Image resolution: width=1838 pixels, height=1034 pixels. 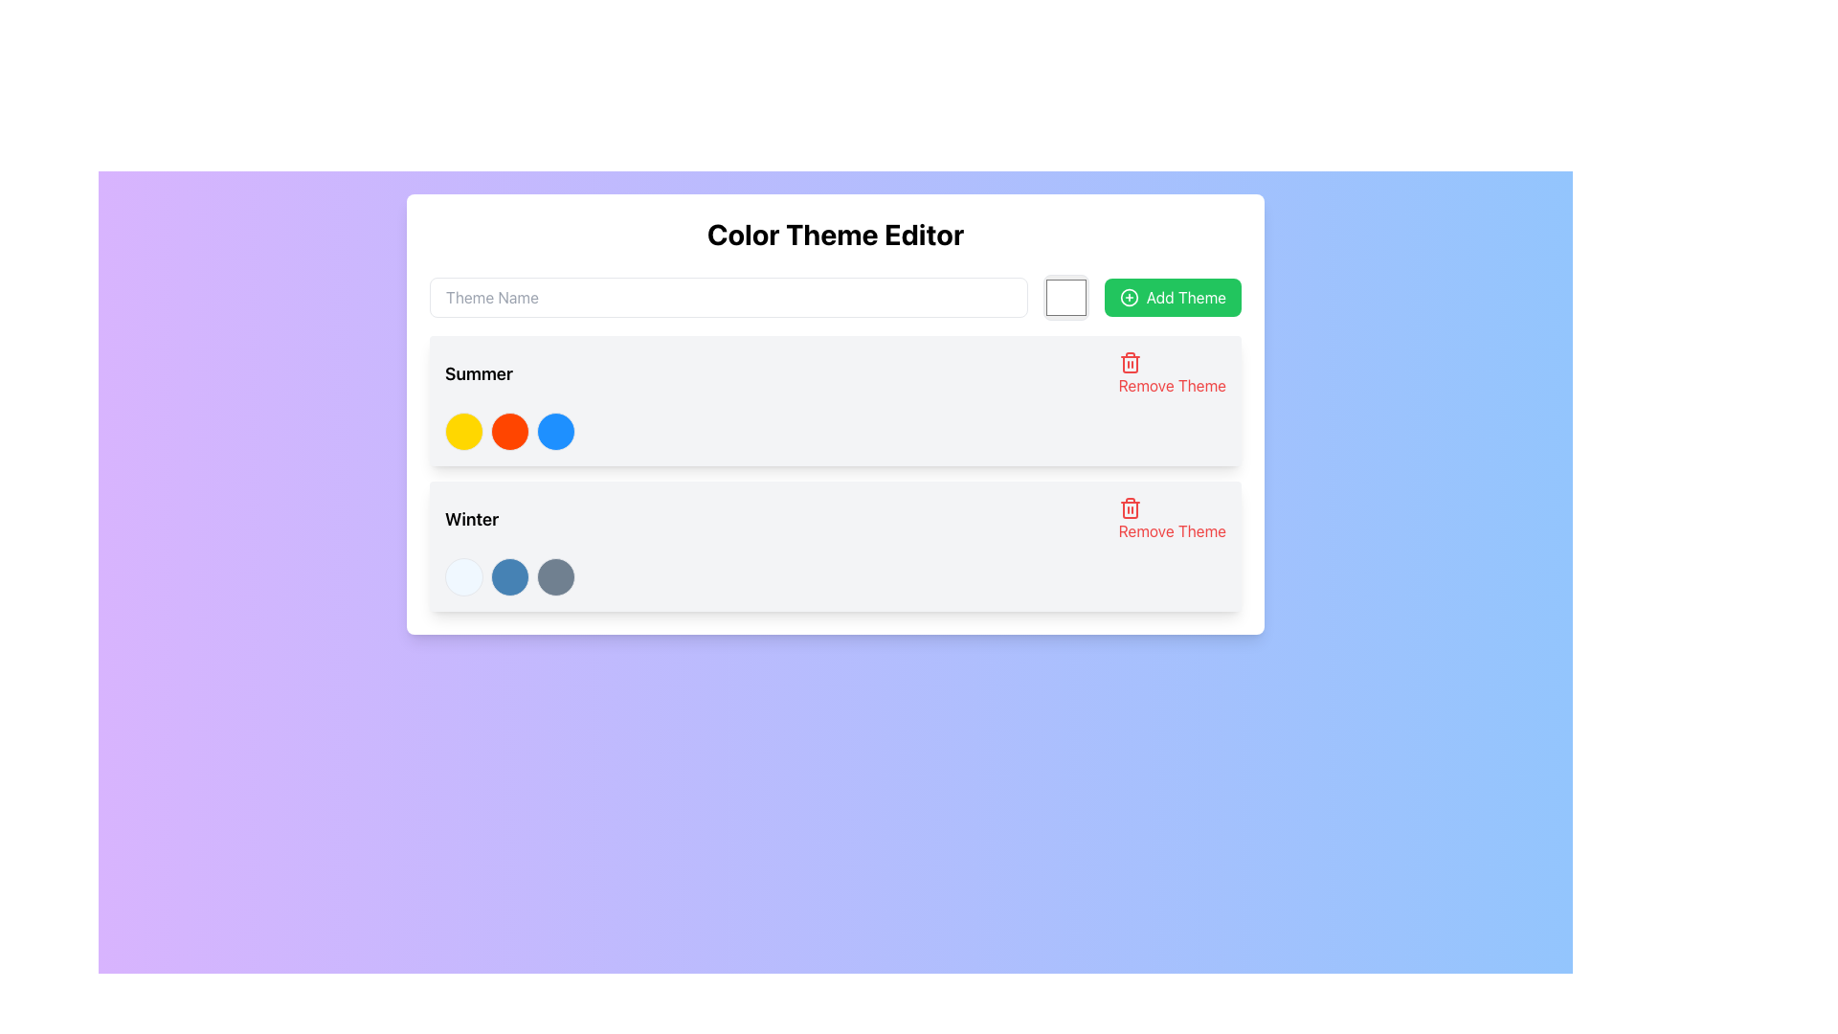 What do you see at coordinates (463, 575) in the screenshot?
I see `the first circle in the row of three circles under the 'Winter' section, which serves as a decorative indicator` at bounding box center [463, 575].